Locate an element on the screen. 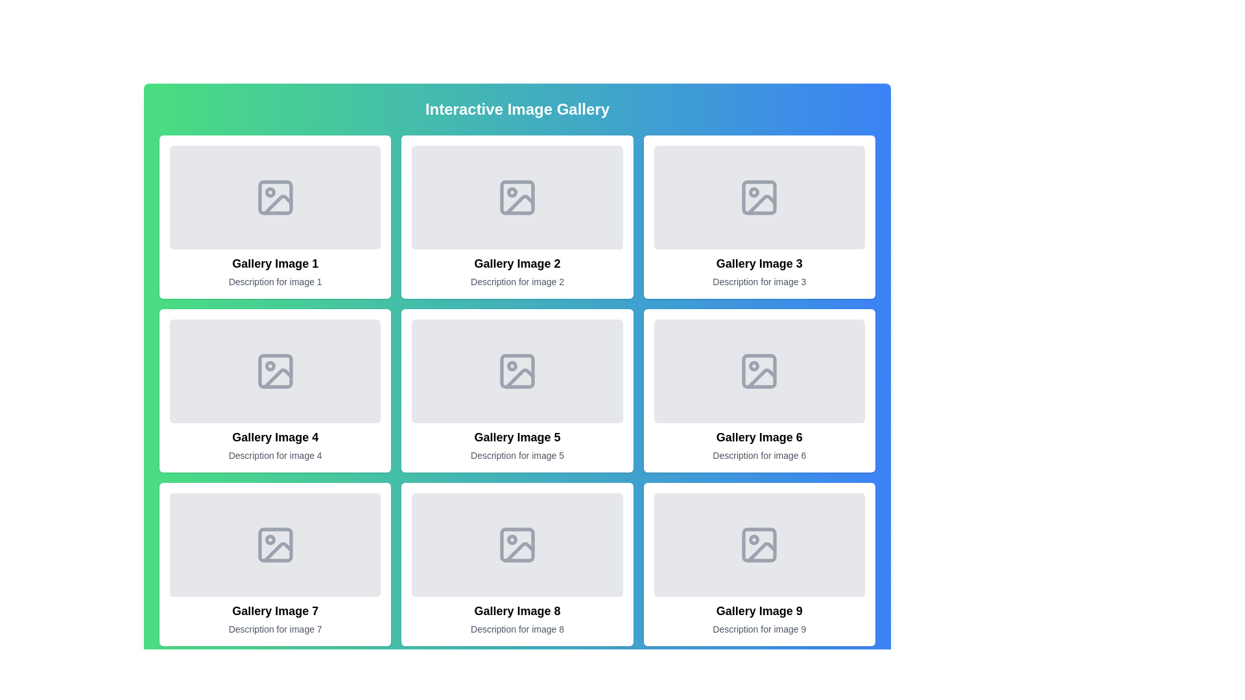 The image size is (1245, 700). graphical decoration or state indicator within the SVG icon located in the eighth item of the gallery grid, positioned in the third row, second column, using accessibility tools is located at coordinates (516, 544).